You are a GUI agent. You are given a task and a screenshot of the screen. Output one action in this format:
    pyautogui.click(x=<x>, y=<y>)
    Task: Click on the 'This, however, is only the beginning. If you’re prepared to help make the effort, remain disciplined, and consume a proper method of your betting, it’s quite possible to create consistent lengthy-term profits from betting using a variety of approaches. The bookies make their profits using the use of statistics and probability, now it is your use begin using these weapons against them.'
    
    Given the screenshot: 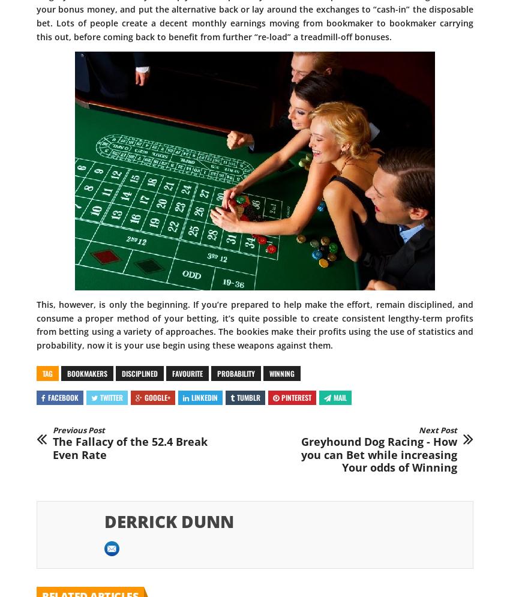 What is the action you would take?
    pyautogui.click(x=255, y=324)
    